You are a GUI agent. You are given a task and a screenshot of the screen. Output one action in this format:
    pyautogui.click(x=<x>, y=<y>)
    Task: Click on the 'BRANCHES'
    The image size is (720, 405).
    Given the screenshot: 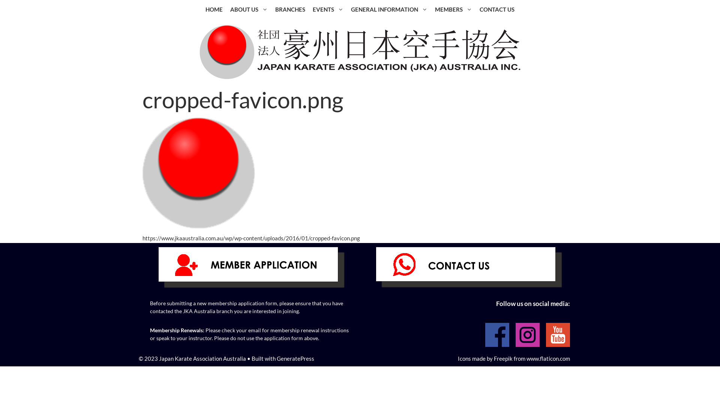 What is the action you would take?
    pyautogui.click(x=289, y=9)
    